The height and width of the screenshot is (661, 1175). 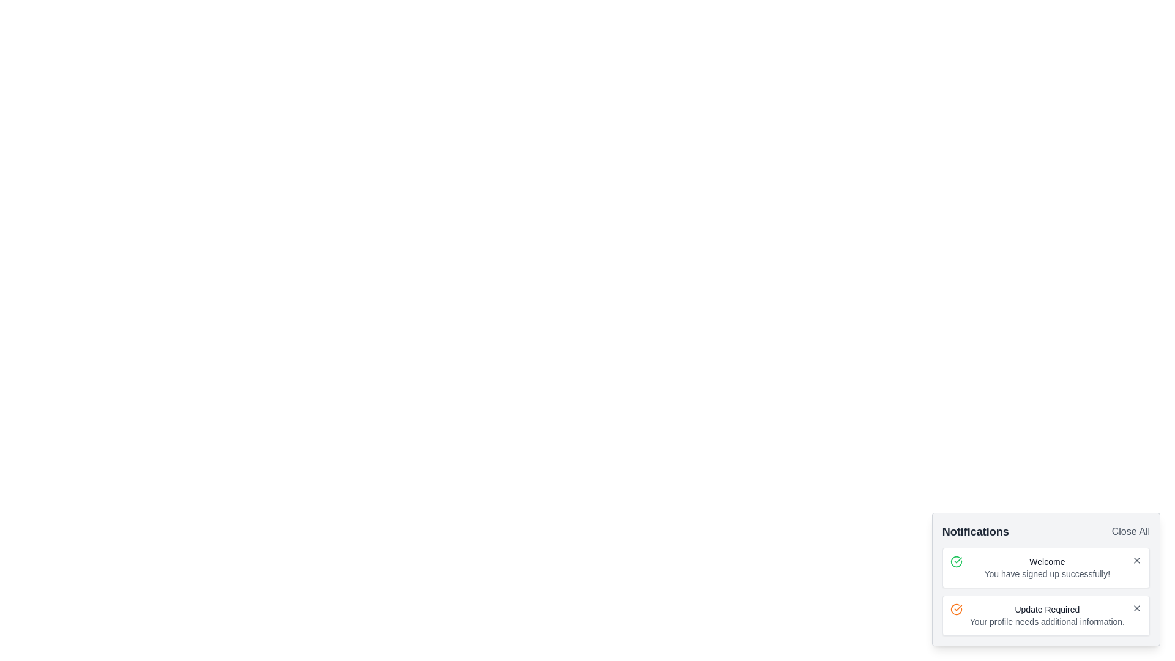 I want to click on the text element that reads 'You have signed up successfully!', which is styled with a smaller font size and light gray color, located centrally in the notification panel at the bottom-right corner of the interface, so click(x=1046, y=573).